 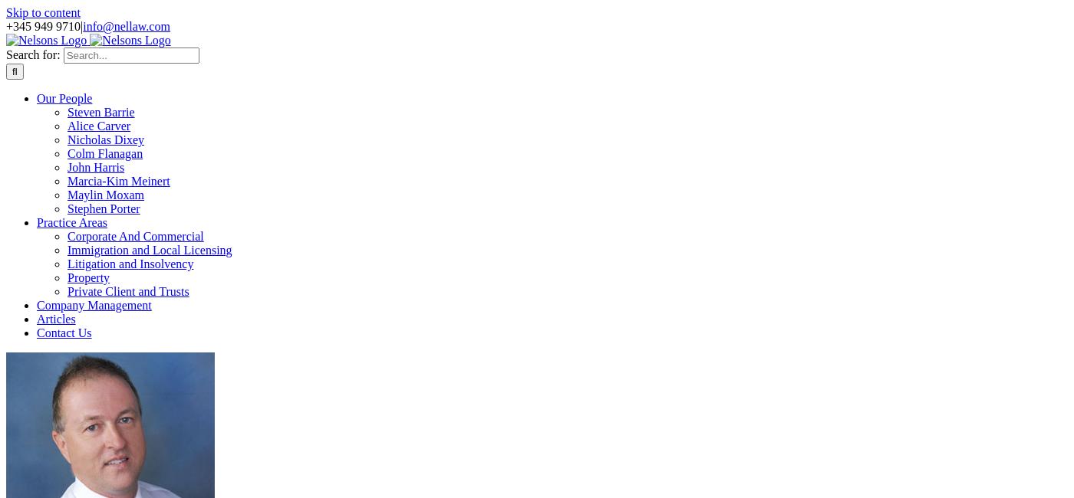 I want to click on 'Property', so click(x=88, y=277).